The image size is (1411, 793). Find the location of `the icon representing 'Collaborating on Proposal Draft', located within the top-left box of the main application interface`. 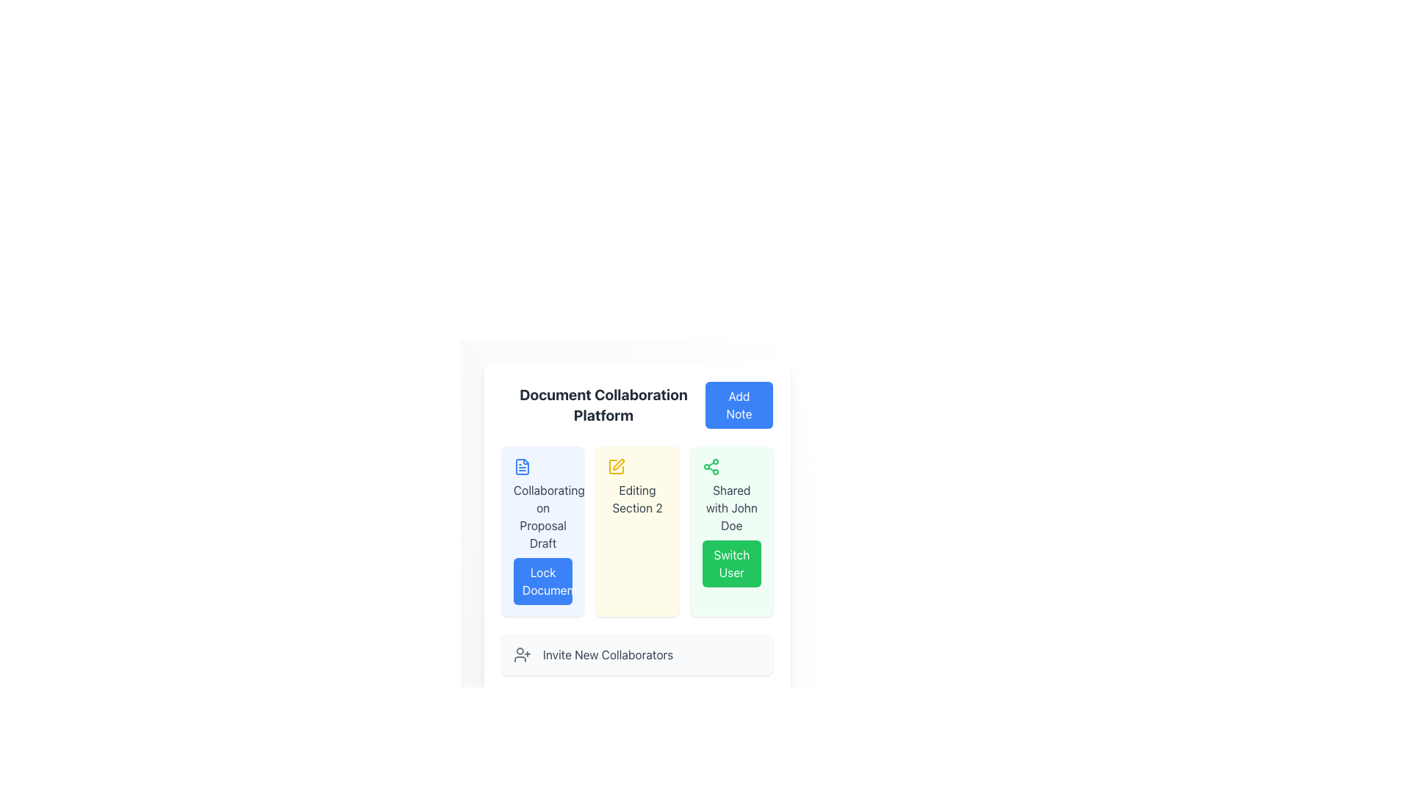

the icon representing 'Collaborating on Proposal Draft', located within the top-left box of the main application interface is located at coordinates (522, 467).